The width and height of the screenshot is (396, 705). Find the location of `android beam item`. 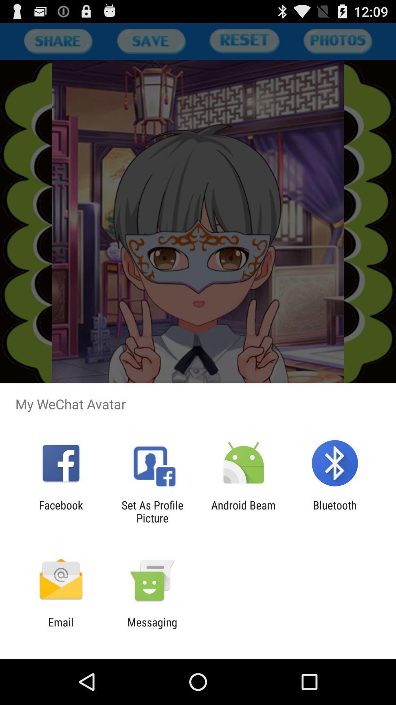

android beam item is located at coordinates (243, 511).